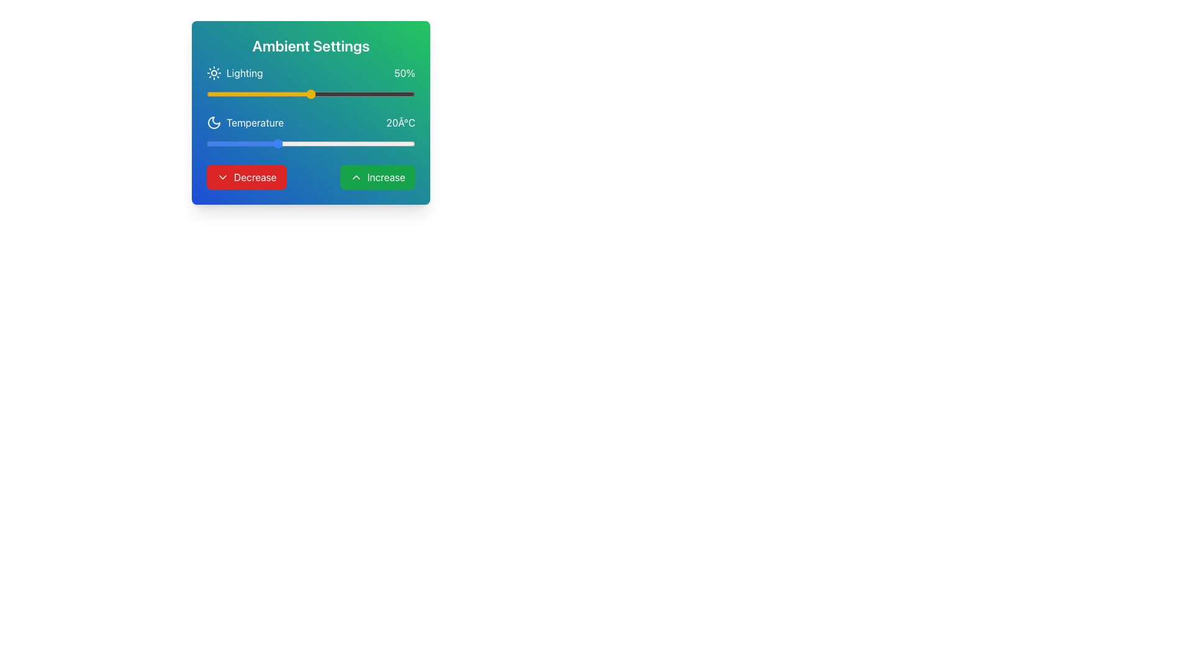 The height and width of the screenshot is (670, 1192). I want to click on the static text label displaying '20Â°C', which indicates the current temperature value associated with the 'Temperature' slider, located to the right of the 'Temperature' label, so click(400, 122).